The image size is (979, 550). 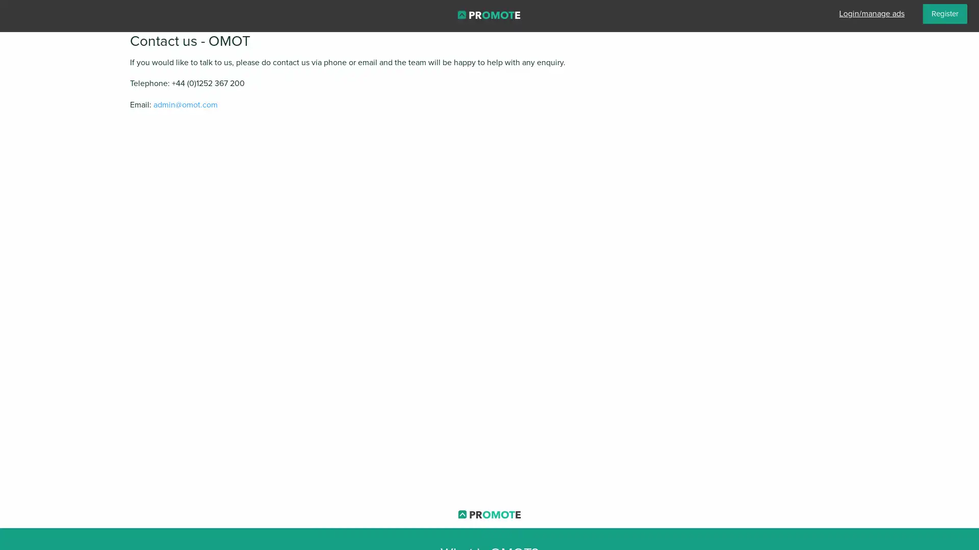 What do you see at coordinates (944, 14) in the screenshot?
I see `Register` at bounding box center [944, 14].